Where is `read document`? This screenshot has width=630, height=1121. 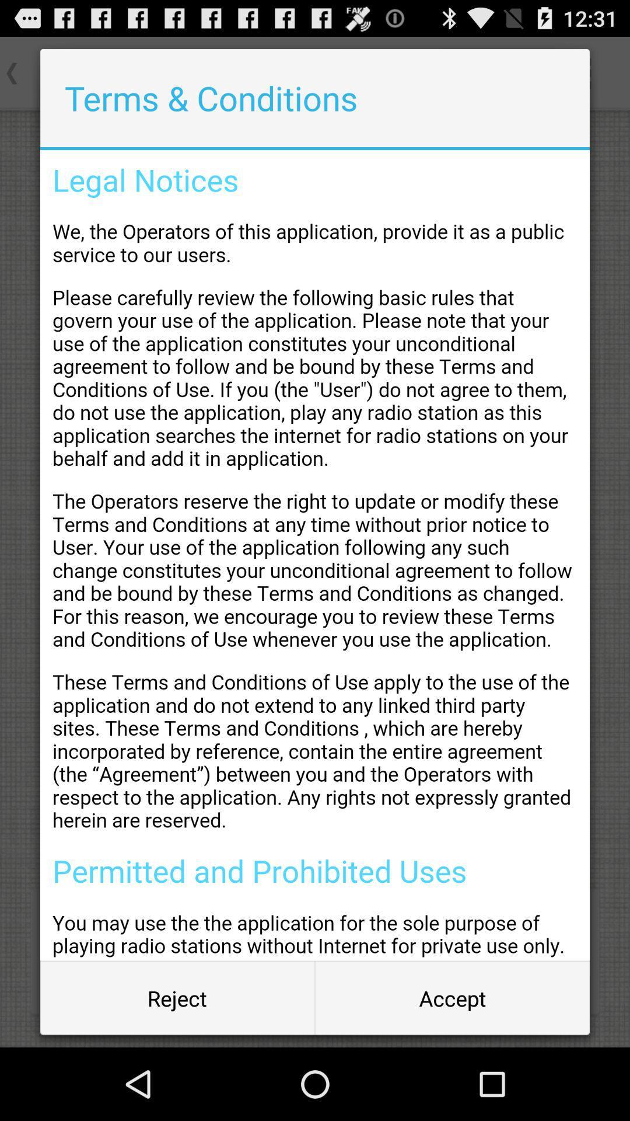
read document is located at coordinates (315, 555).